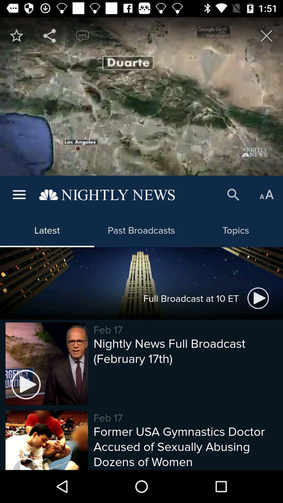  I want to click on close, so click(266, 35).